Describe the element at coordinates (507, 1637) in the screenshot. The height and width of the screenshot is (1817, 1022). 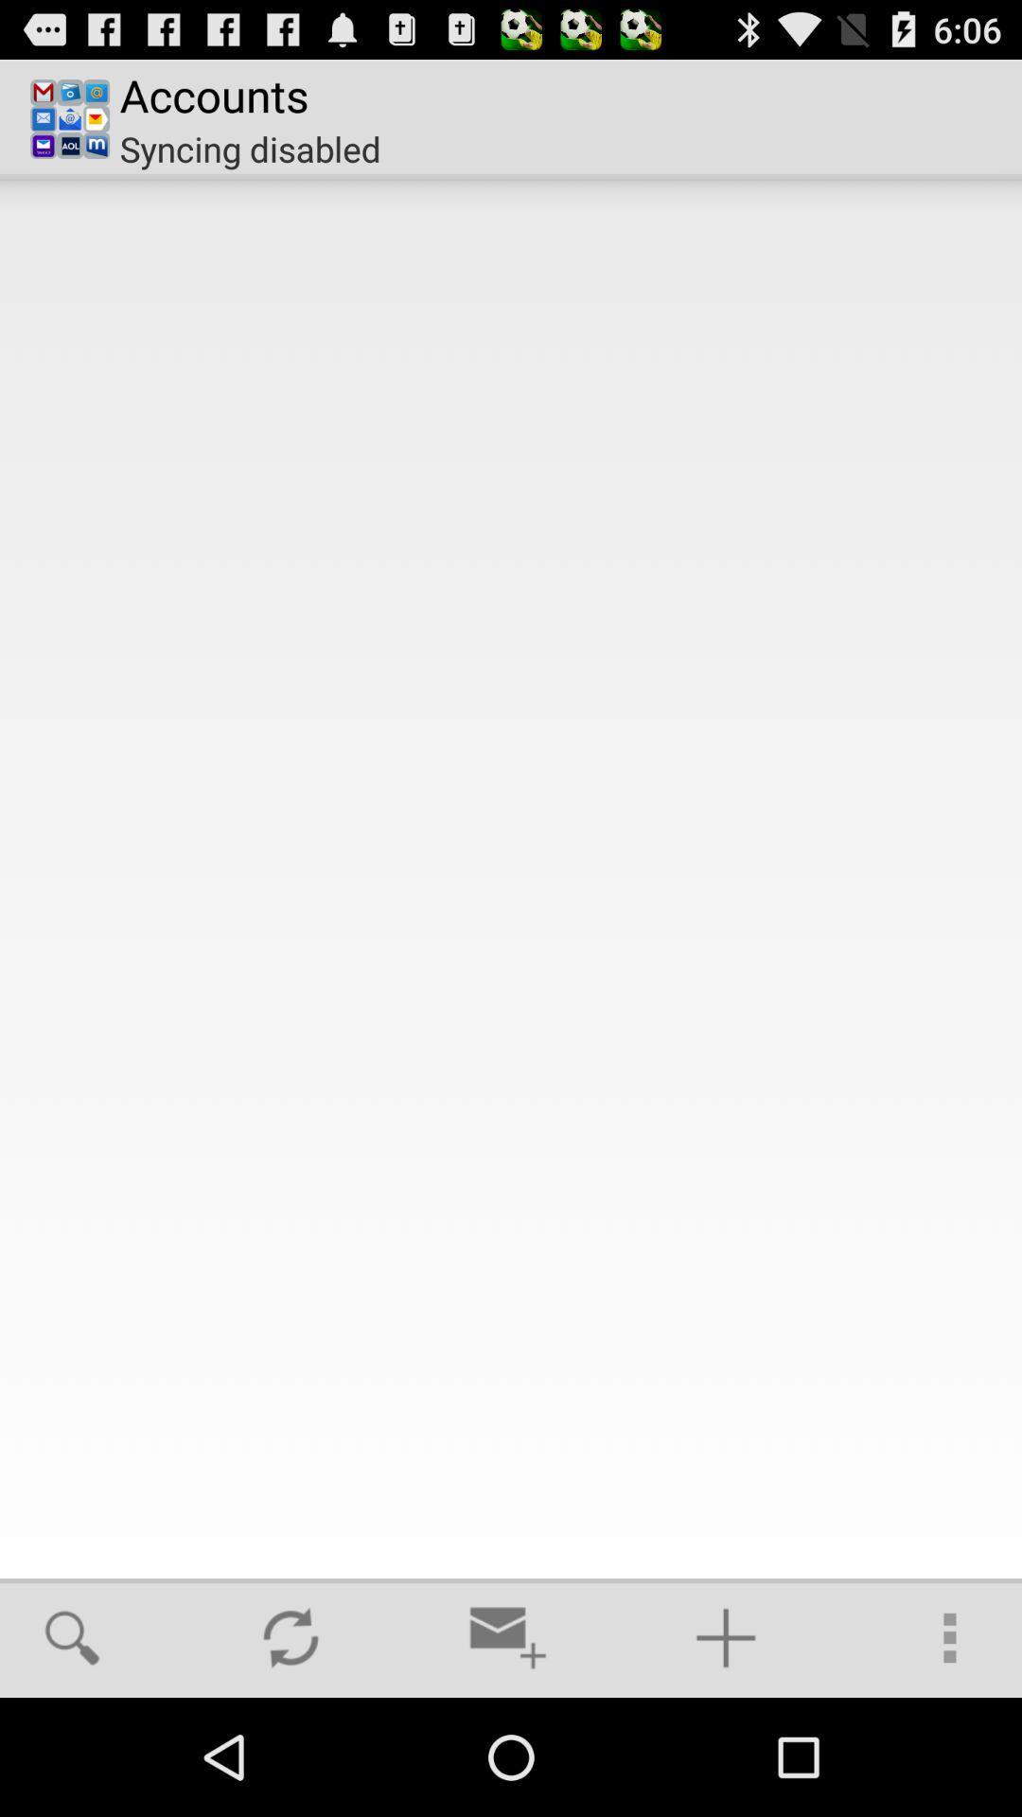
I see `icon at the bottom` at that location.